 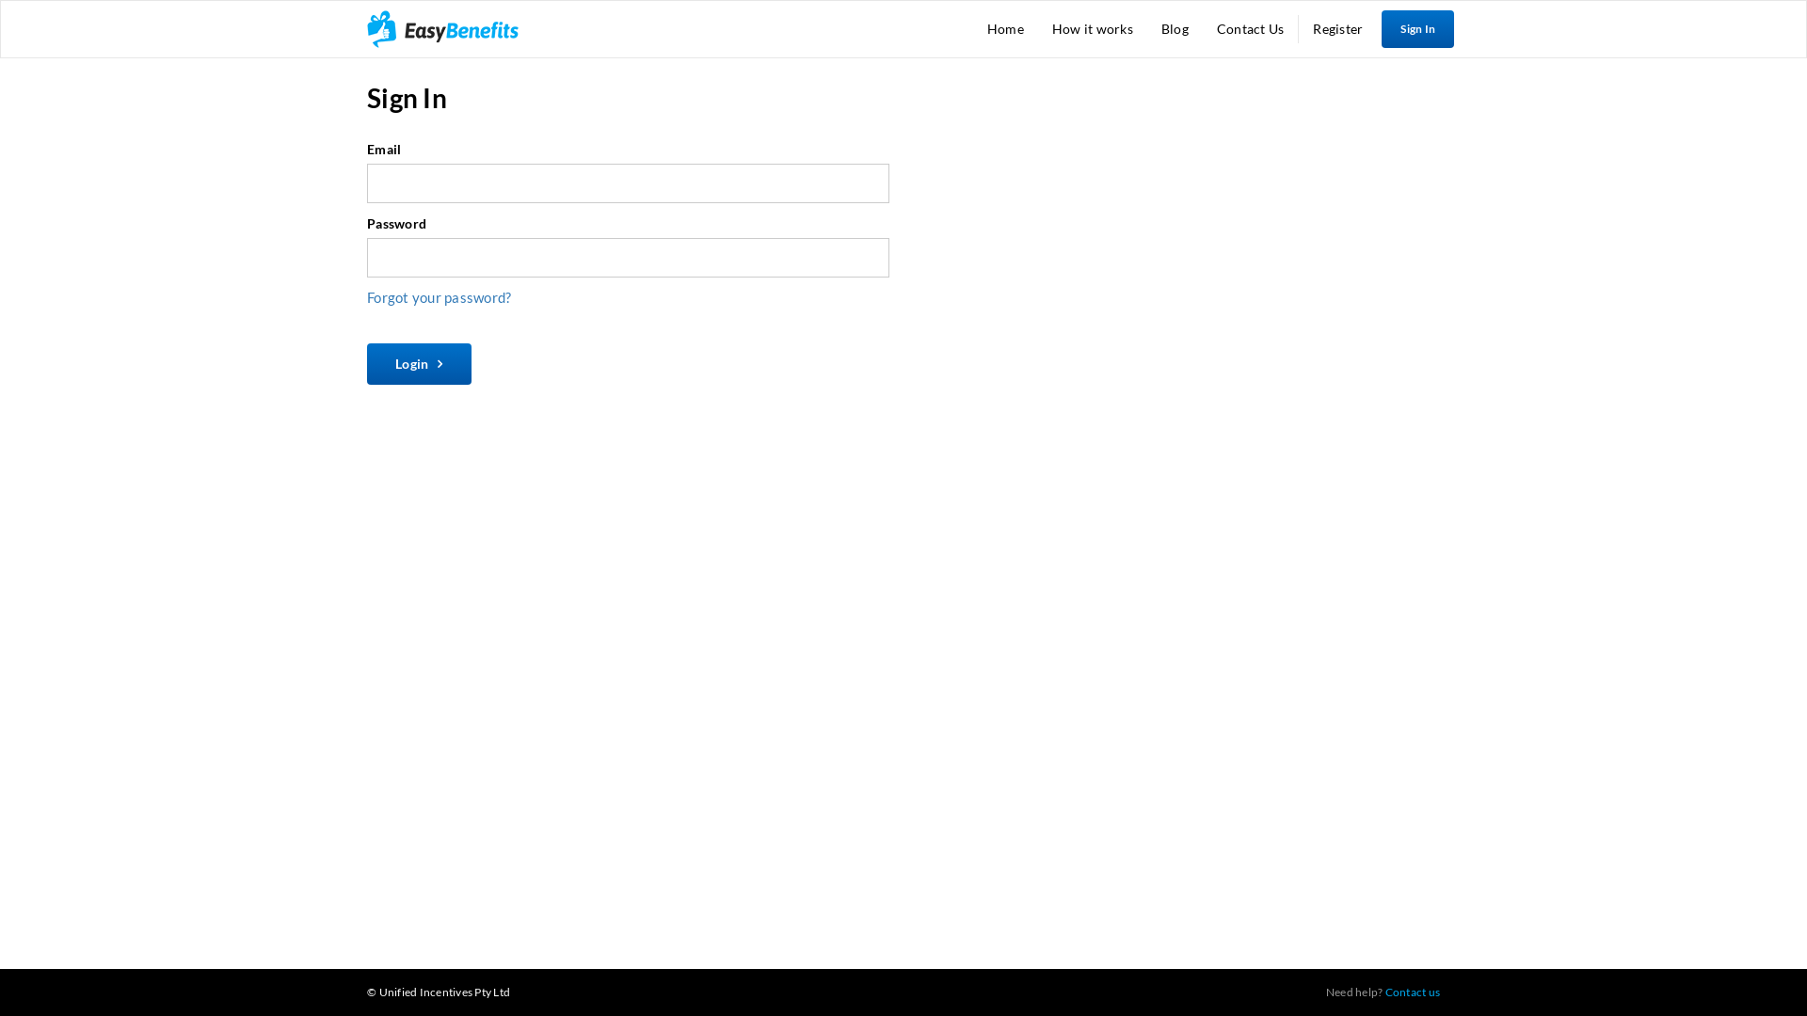 What do you see at coordinates (1174, 28) in the screenshot?
I see `'Blog'` at bounding box center [1174, 28].